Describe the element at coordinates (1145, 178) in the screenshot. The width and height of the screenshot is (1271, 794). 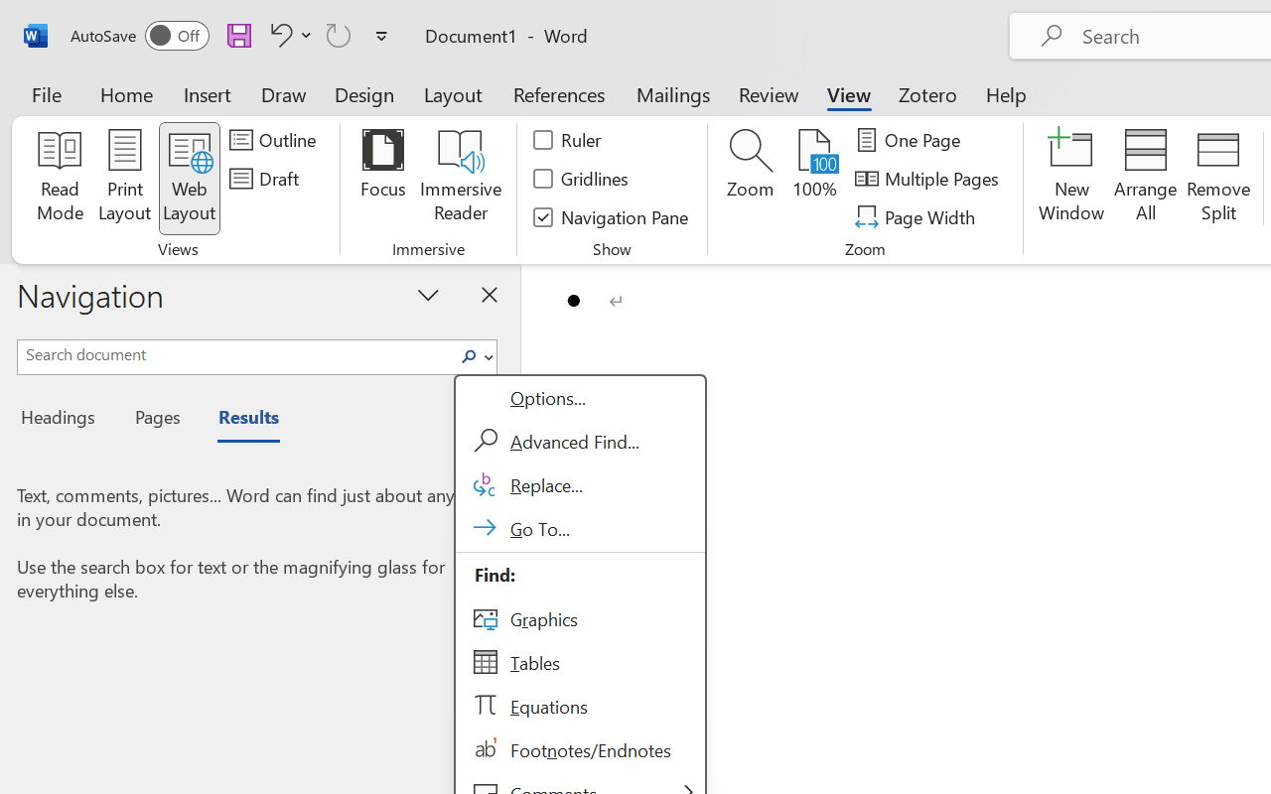
I see `'Arrange All'` at that location.